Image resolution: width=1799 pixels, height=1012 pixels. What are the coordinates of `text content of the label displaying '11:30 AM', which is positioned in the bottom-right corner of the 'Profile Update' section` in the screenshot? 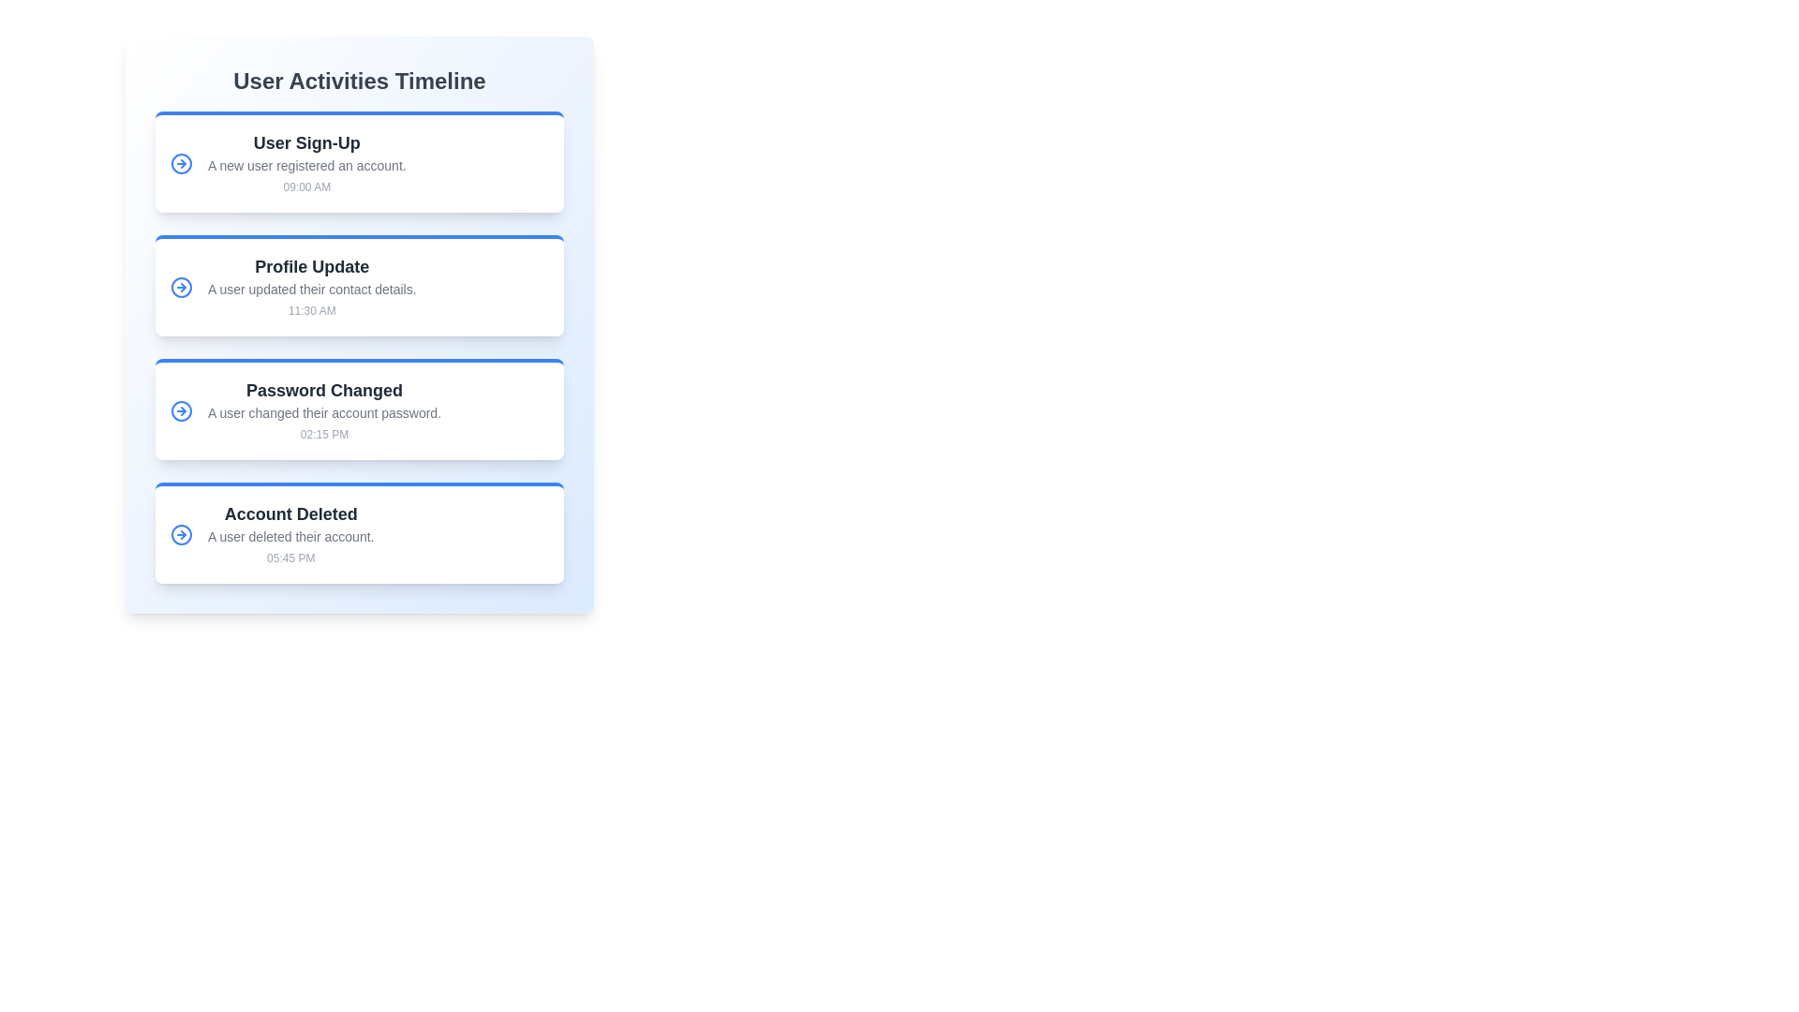 It's located at (312, 309).